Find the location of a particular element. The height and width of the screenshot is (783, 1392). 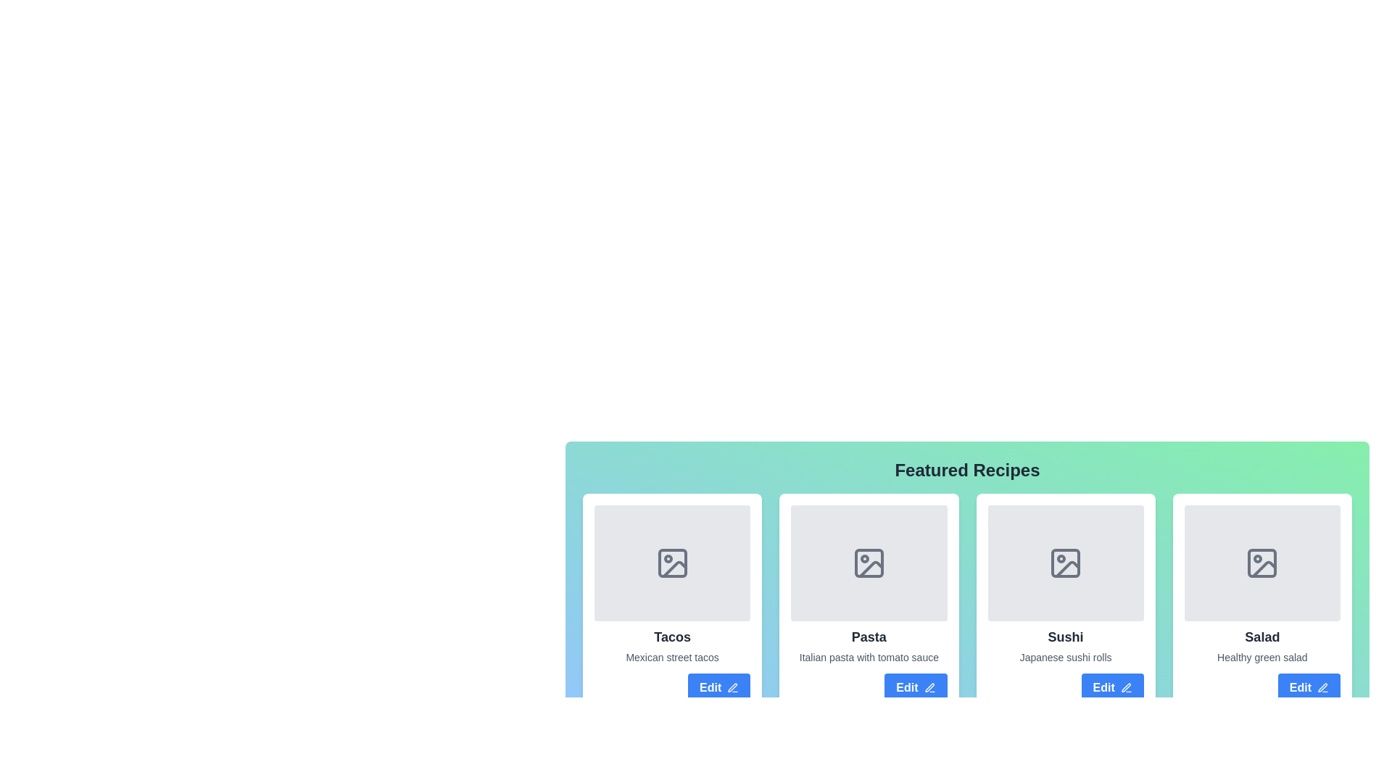

the fourth 'Edit' button beneath the 'Salad' recipe card in the 'Featured Recipes' section is located at coordinates (1309, 687).